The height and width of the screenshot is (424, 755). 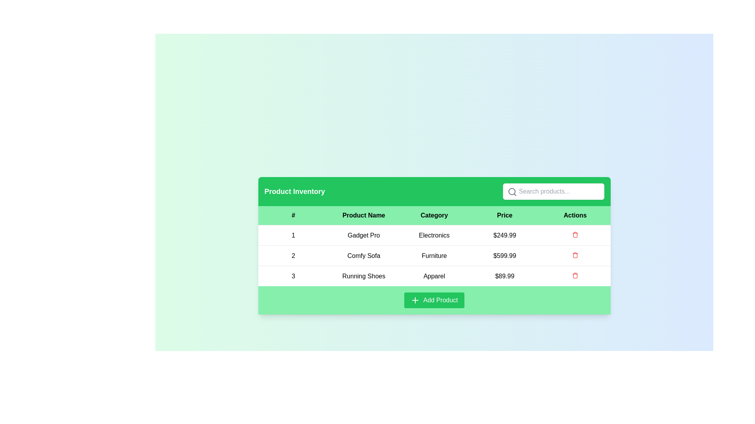 I want to click on the static text displaying the number '3', located in the leftmost cell of the third row of the table under the '#' column, so click(x=293, y=276).